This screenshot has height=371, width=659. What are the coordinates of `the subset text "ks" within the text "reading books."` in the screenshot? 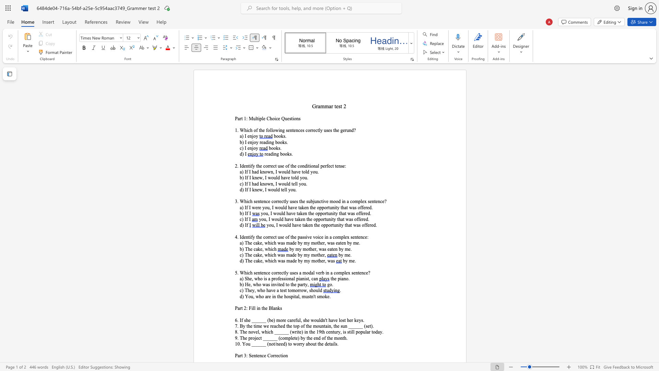 It's located at (287, 154).